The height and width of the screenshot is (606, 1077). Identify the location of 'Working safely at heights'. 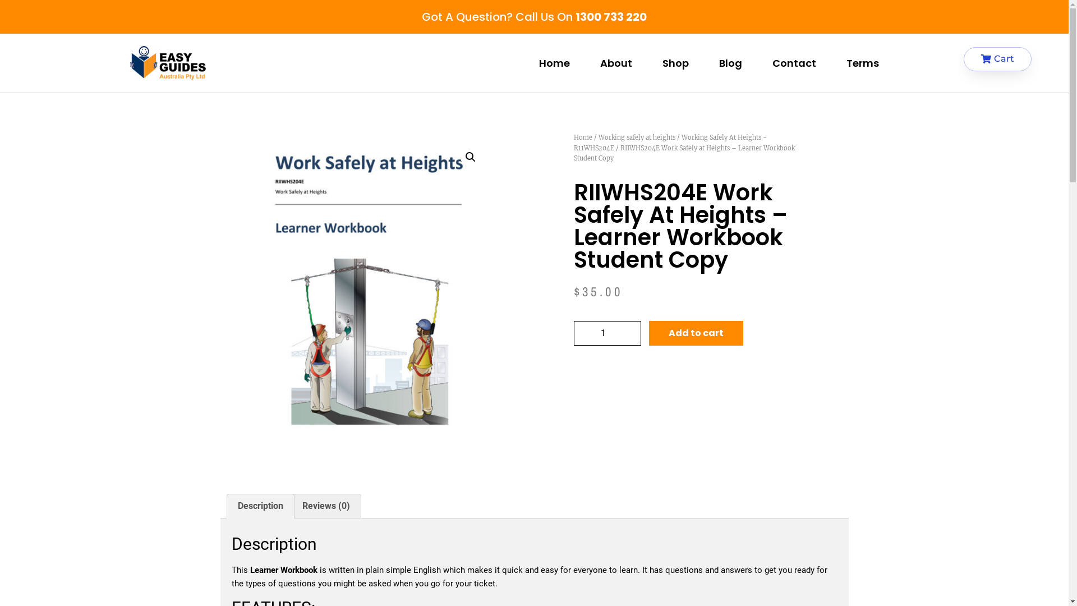
(636, 137).